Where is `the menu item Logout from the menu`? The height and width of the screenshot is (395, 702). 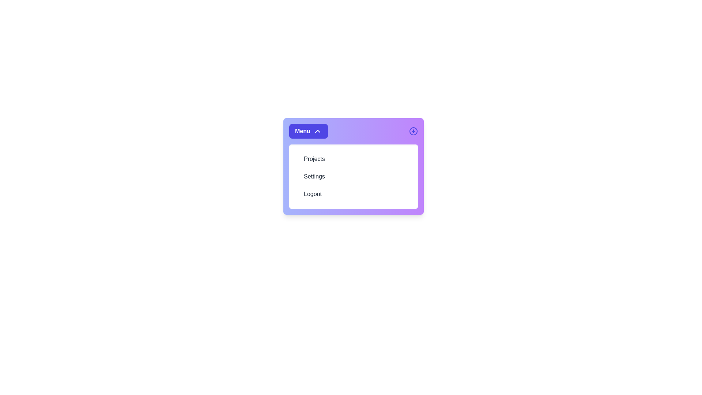
the menu item Logout from the menu is located at coordinates (353, 194).